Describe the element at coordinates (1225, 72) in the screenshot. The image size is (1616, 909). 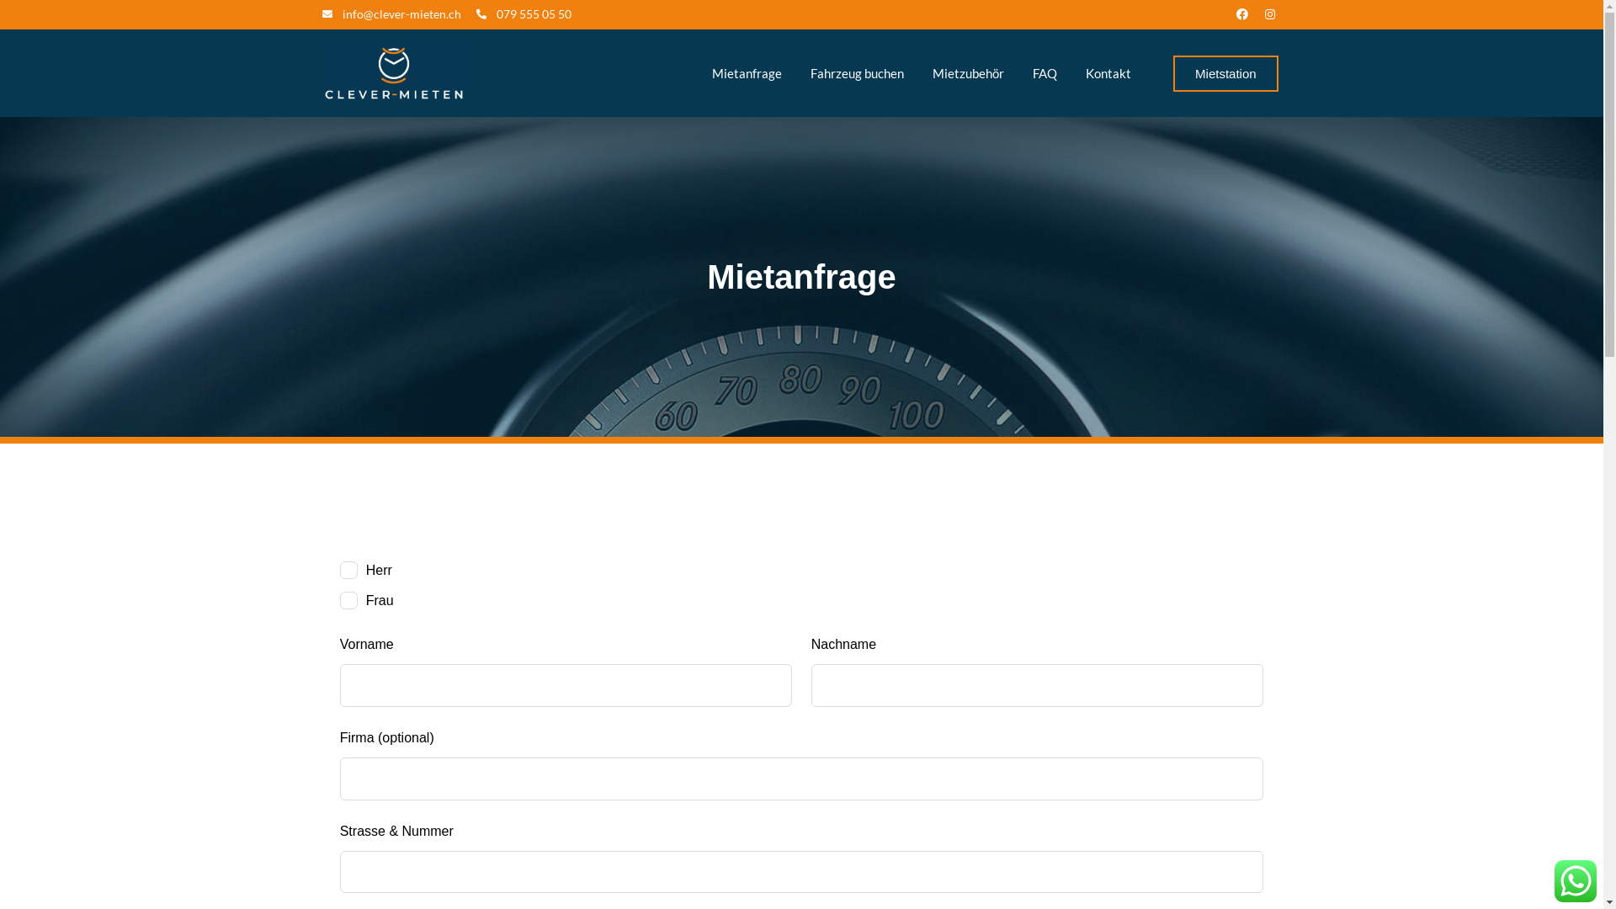
I see `'Mietstation'` at that location.